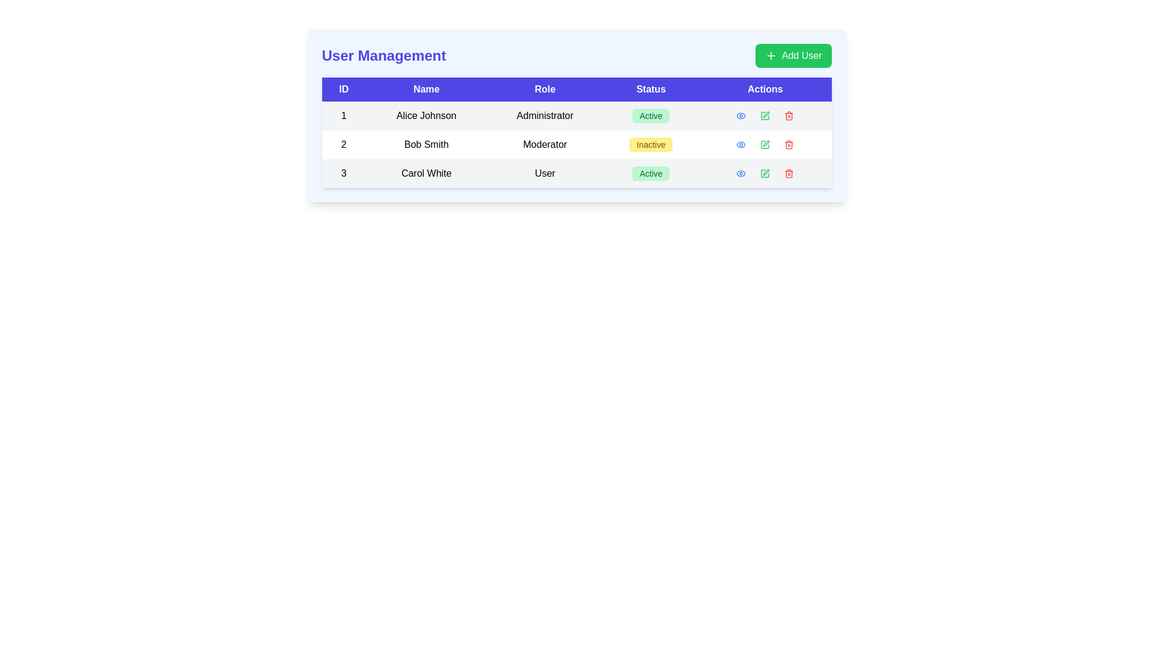  What do you see at coordinates (426, 144) in the screenshot?
I see `the text label displaying 'Bob Smith' located in the 'Name' column of the User Management table to check for interaction effects` at bounding box center [426, 144].